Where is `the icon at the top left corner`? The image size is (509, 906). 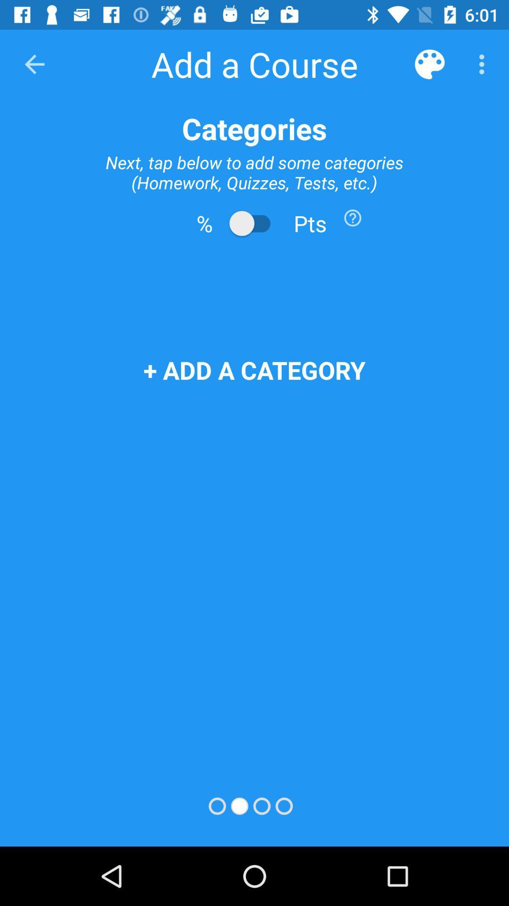 the icon at the top left corner is located at coordinates (34, 64).